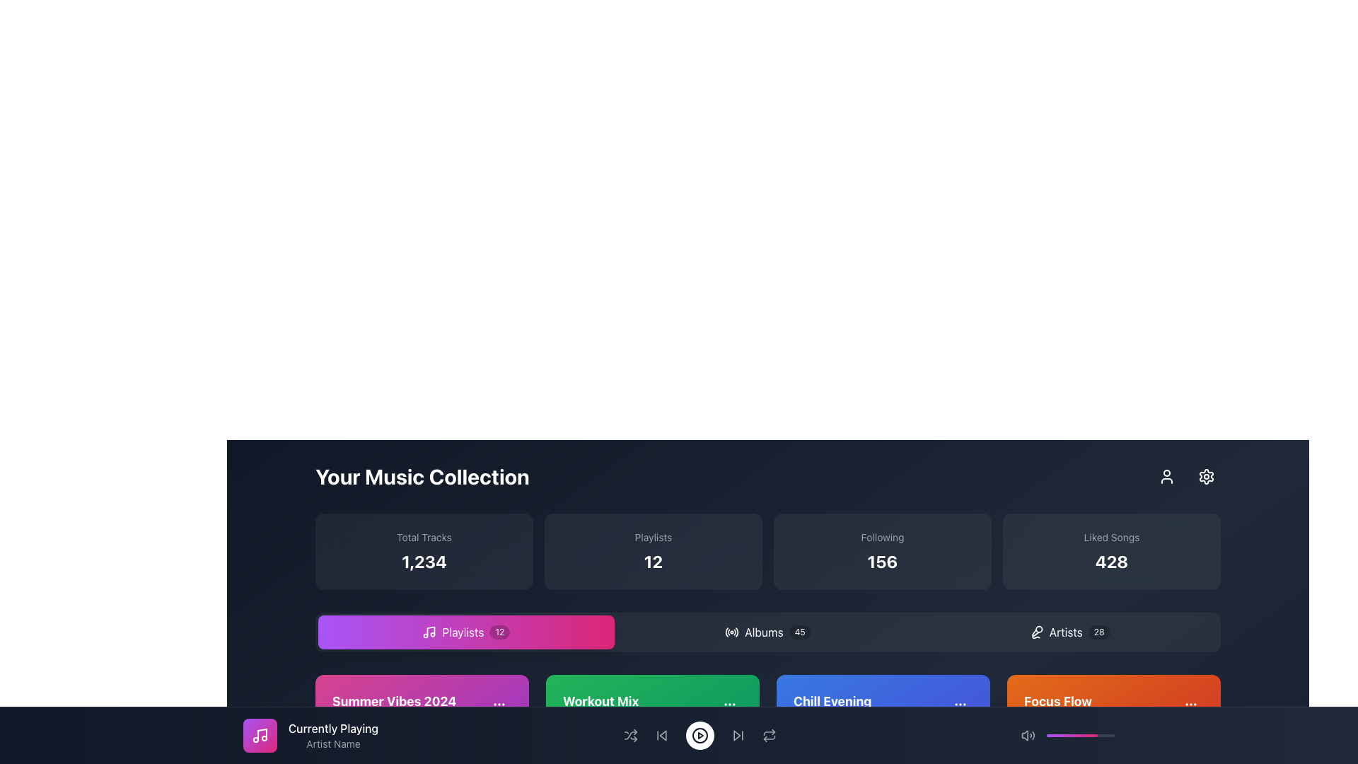 This screenshot has height=764, width=1358. Describe the element at coordinates (736, 631) in the screenshot. I see `the fifth circular arc element in the bottom right section of the layout that represents a radio wave-like icon` at that location.